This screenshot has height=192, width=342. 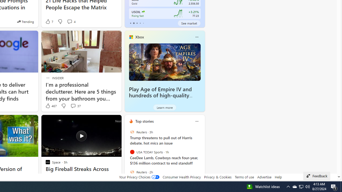 I want to click on 'Consumer Health Privacy', so click(x=182, y=177).